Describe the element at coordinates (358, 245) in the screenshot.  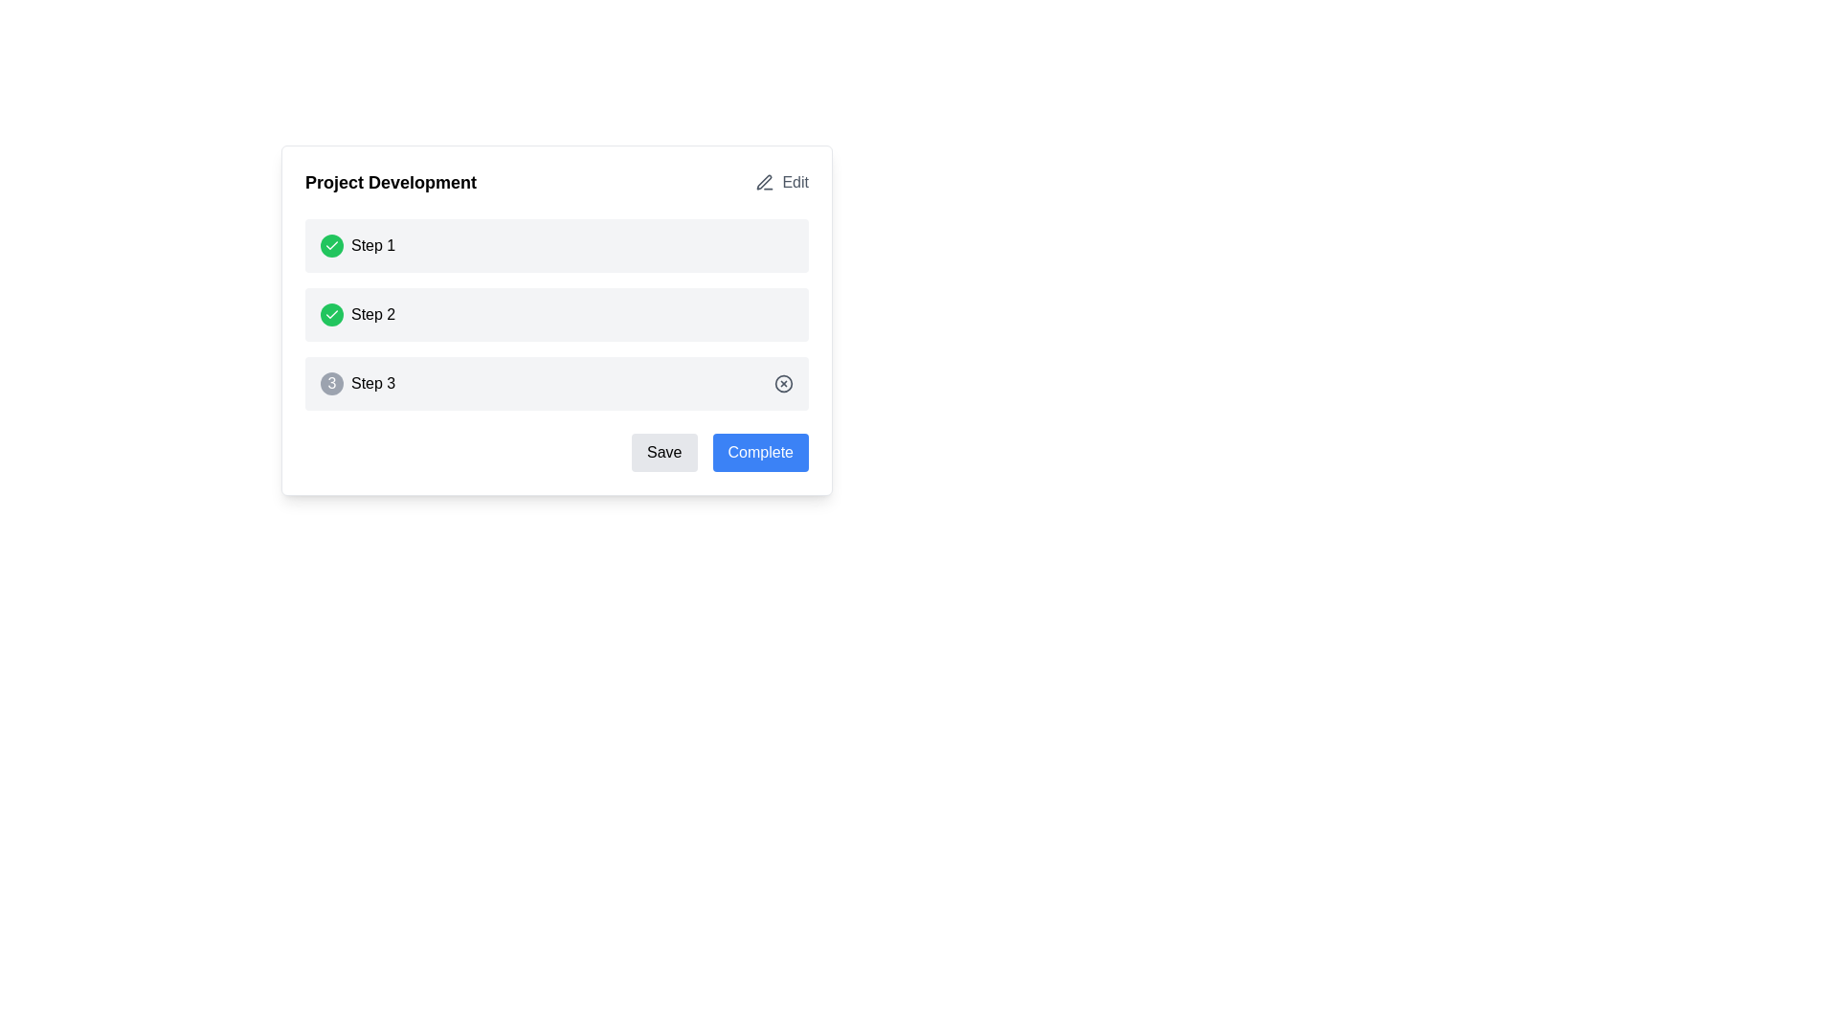
I see `label 'Step 1' from the completed status indicator, which is the first step in the 'Project Development' sequence, indicated by a green checkmark icon` at that location.